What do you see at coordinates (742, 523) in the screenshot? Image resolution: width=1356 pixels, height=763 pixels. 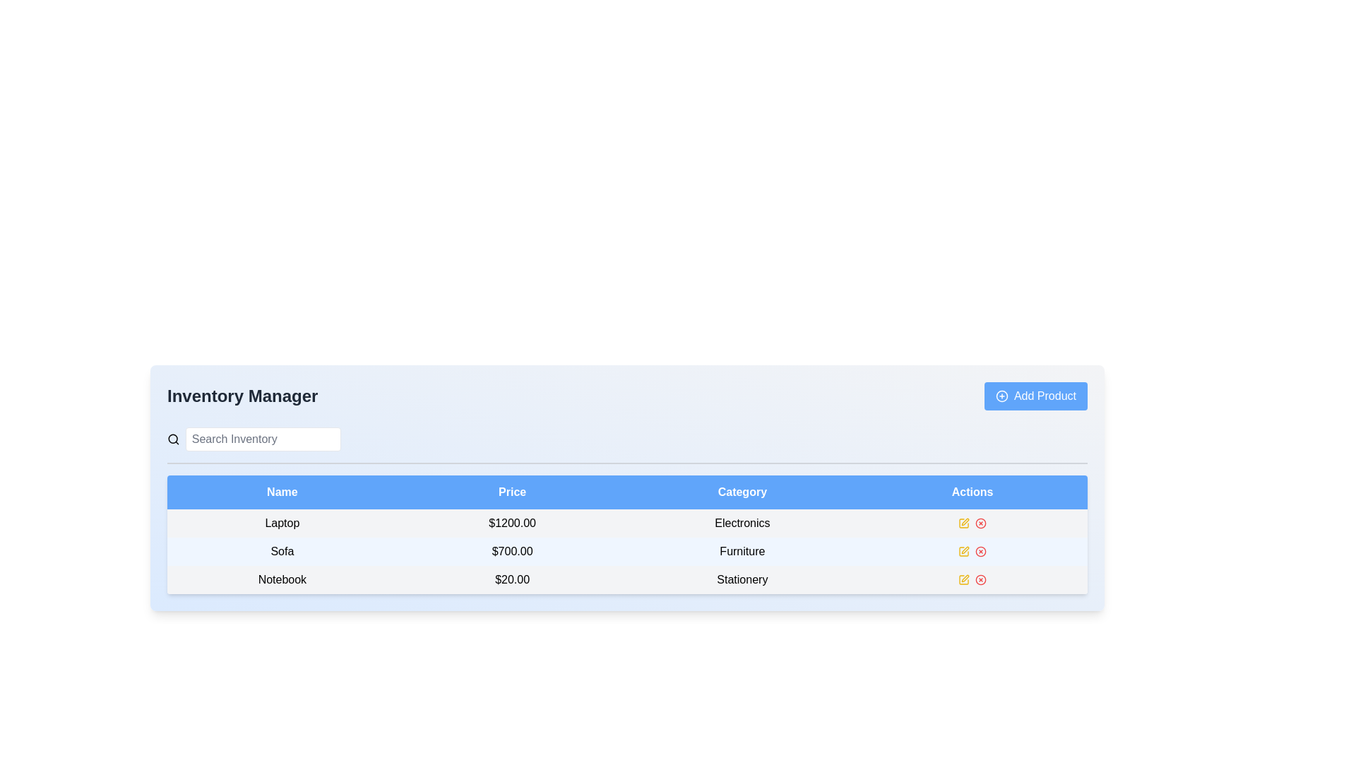 I see `text of the Label indicating the product category in the first row of the inventory table, located in the third column titled 'Category'` at bounding box center [742, 523].